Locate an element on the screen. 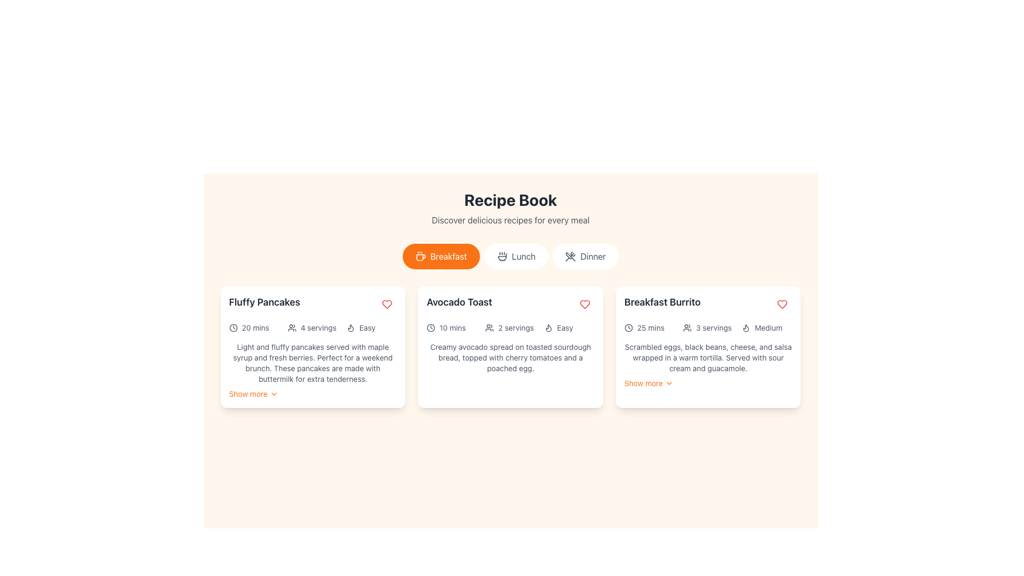  the Text Label that serves as the label for the 'Breakfast' button, guiding users to select breakfast-related content is located at coordinates (449, 257).